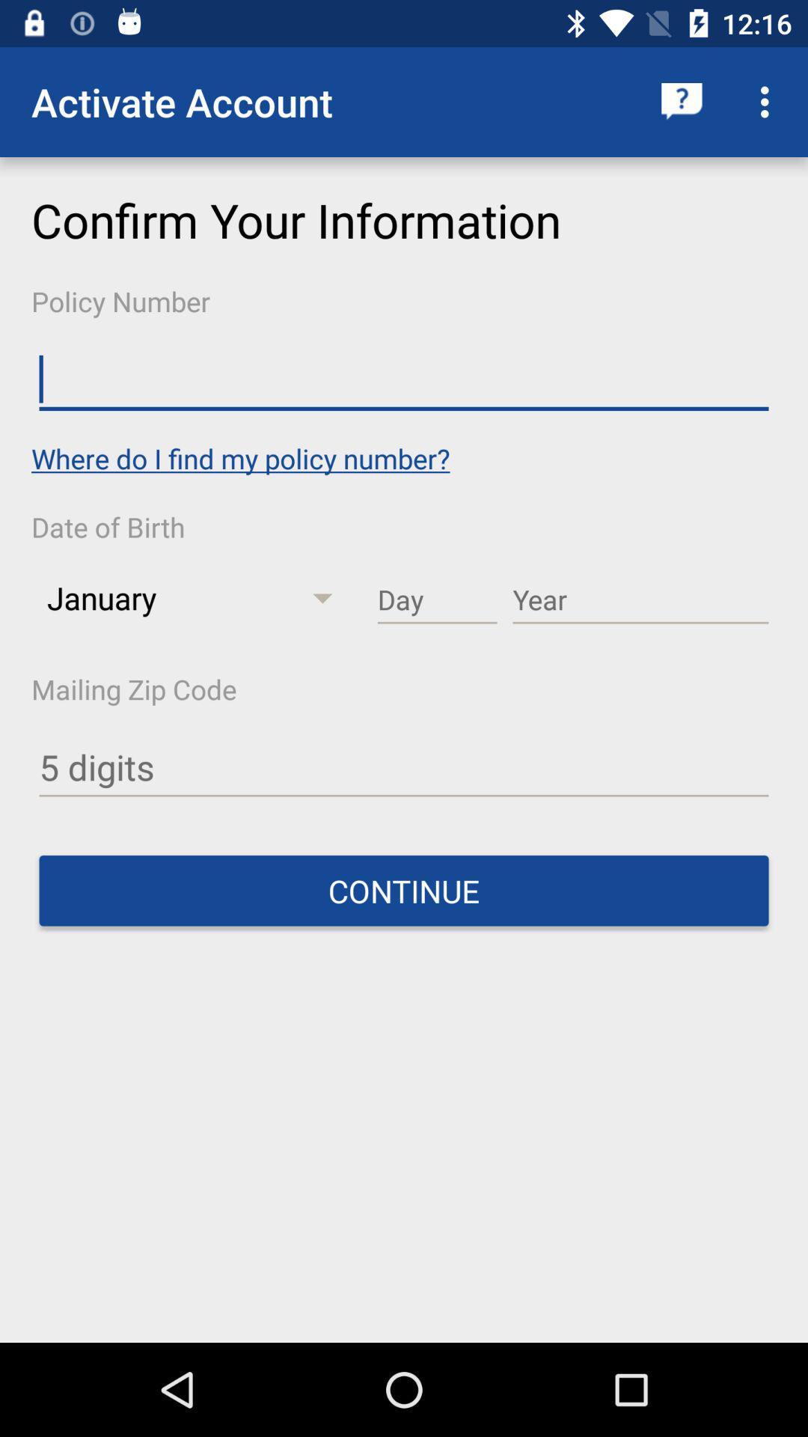  What do you see at coordinates (640, 600) in the screenshot?
I see `year of the birth` at bounding box center [640, 600].